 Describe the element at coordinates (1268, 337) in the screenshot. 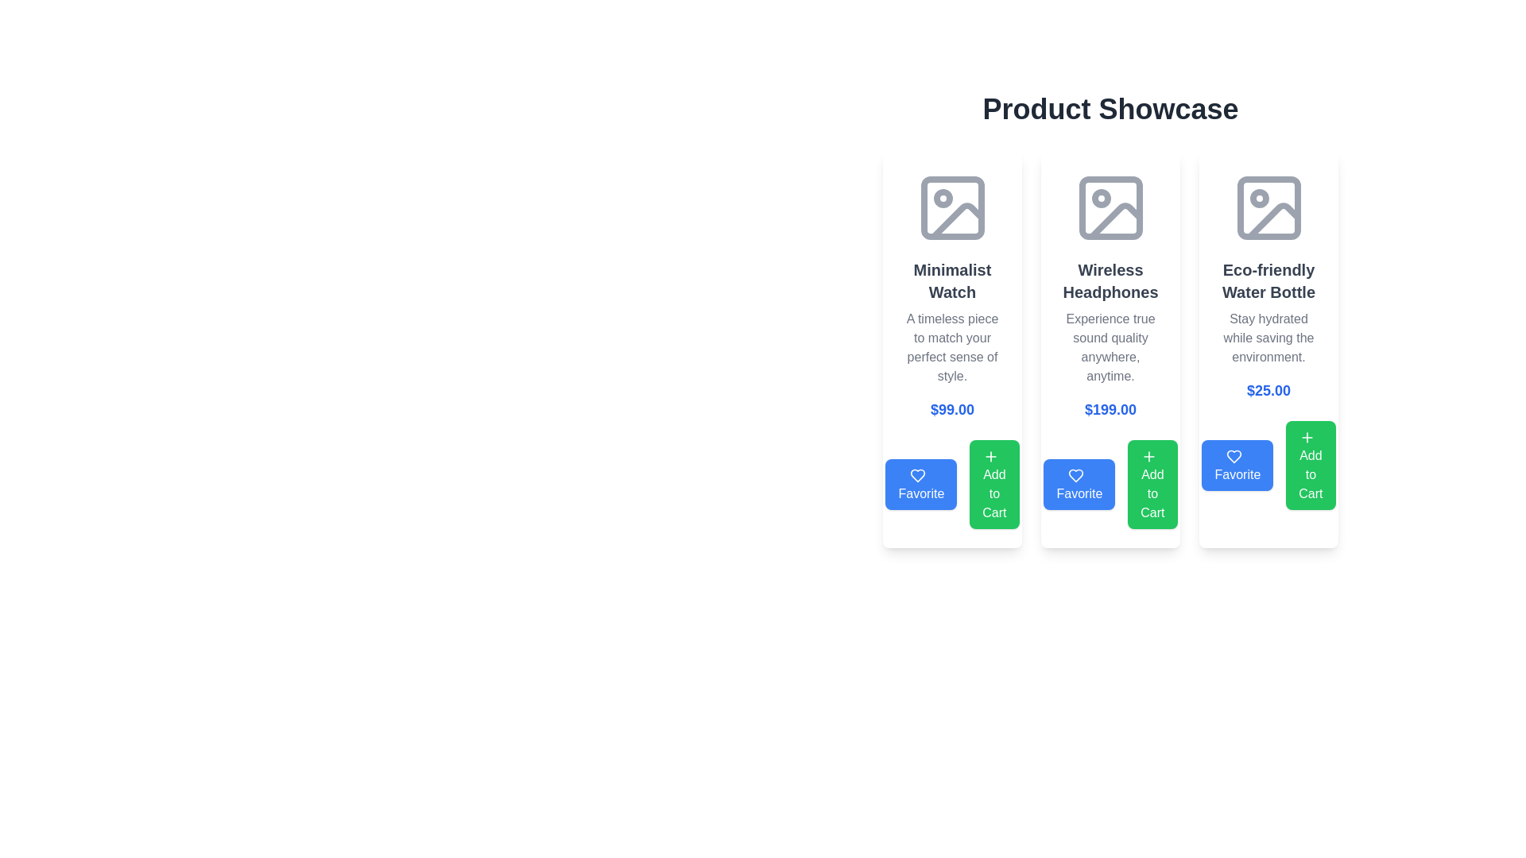

I see `the descriptive text that reads 'Stay hydrated while saving the environment.' located below the product title 'Eco-friendly Water Bottle'` at that location.